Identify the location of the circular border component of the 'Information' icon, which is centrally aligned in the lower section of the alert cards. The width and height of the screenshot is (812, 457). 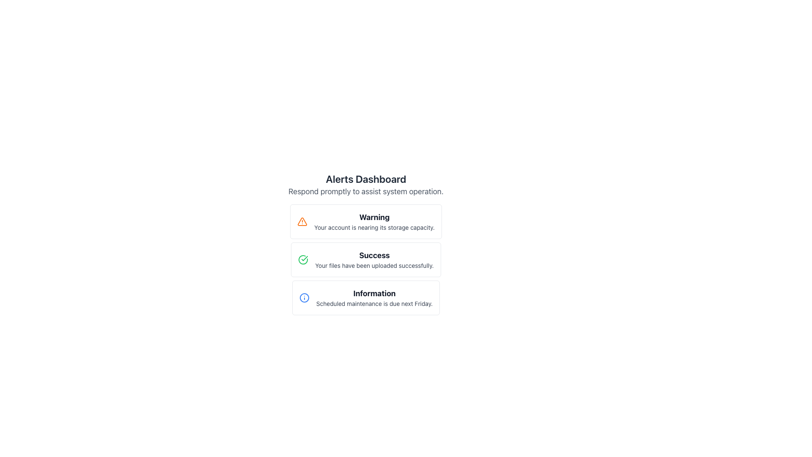
(304, 297).